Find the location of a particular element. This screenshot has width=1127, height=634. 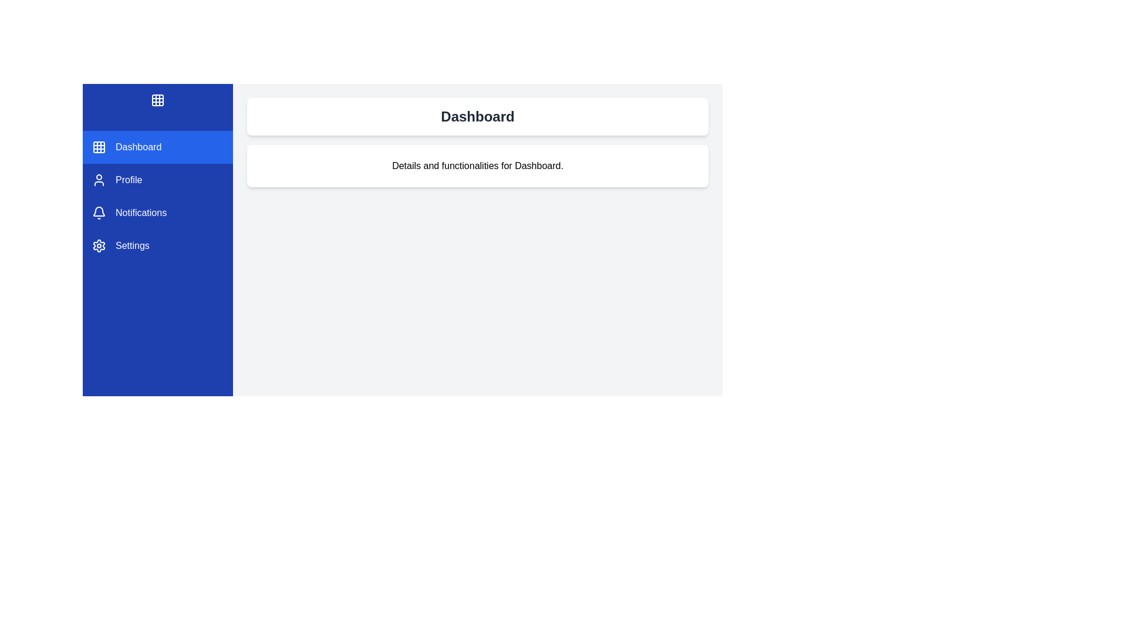

the Icon component located in the top-left corner of the 3x3 grid icon in the vertical sidebar menu is located at coordinates (157, 99).